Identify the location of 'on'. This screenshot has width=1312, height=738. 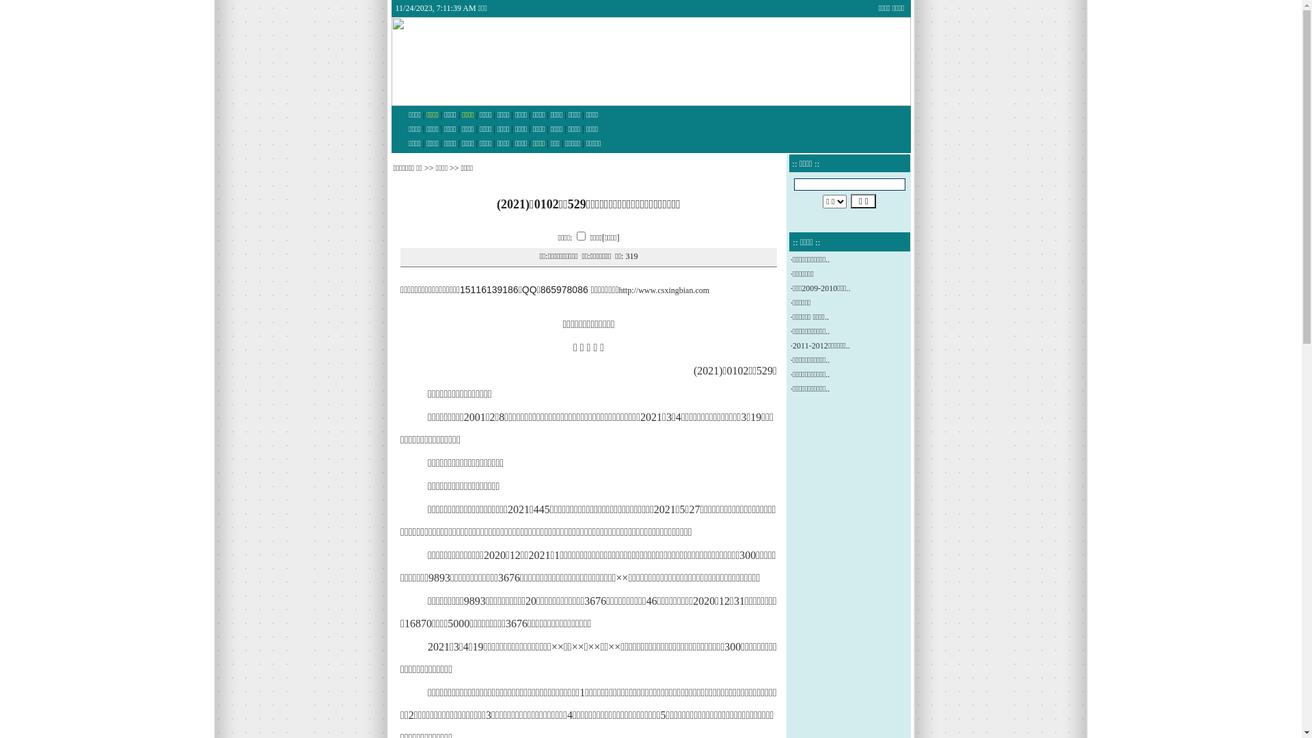
(577, 234).